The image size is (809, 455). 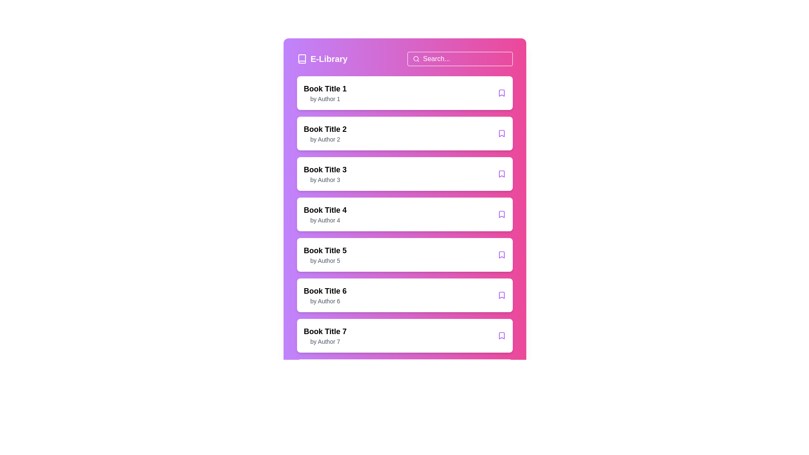 I want to click on the purple SVG bookmark icon located at the bottom right corner of the 'Book Title 7 by Author 7' card, so click(x=501, y=335).